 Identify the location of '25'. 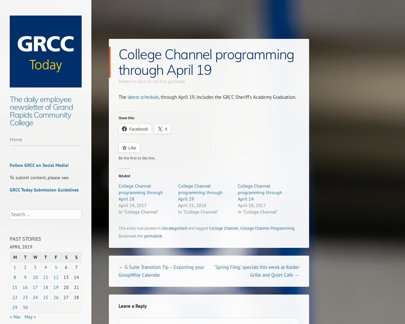
(45, 297).